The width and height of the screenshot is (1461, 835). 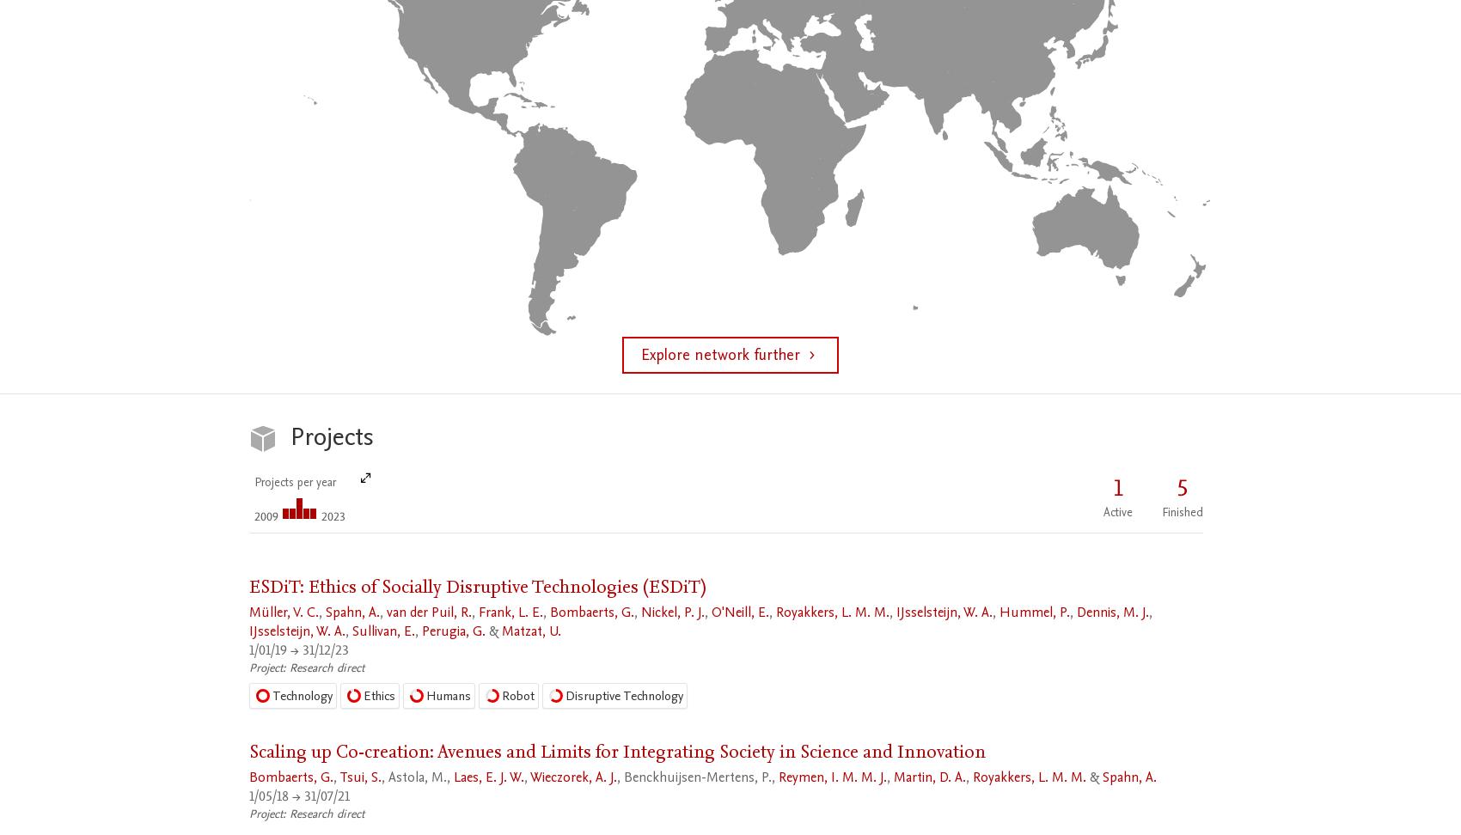 What do you see at coordinates (672, 611) in the screenshot?
I see `'Nickel, P. J.'` at bounding box center [672, 611].